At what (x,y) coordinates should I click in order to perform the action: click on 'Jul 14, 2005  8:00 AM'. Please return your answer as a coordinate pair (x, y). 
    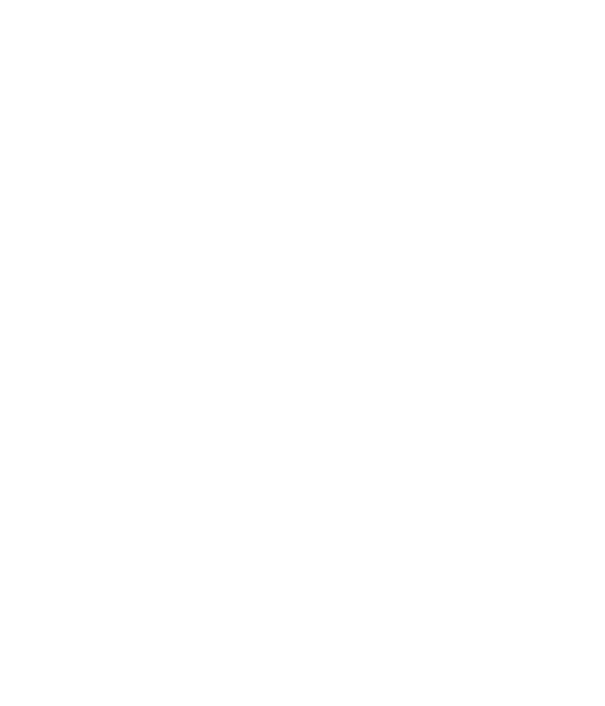
    Looking at the image, I should click on (76, 104).